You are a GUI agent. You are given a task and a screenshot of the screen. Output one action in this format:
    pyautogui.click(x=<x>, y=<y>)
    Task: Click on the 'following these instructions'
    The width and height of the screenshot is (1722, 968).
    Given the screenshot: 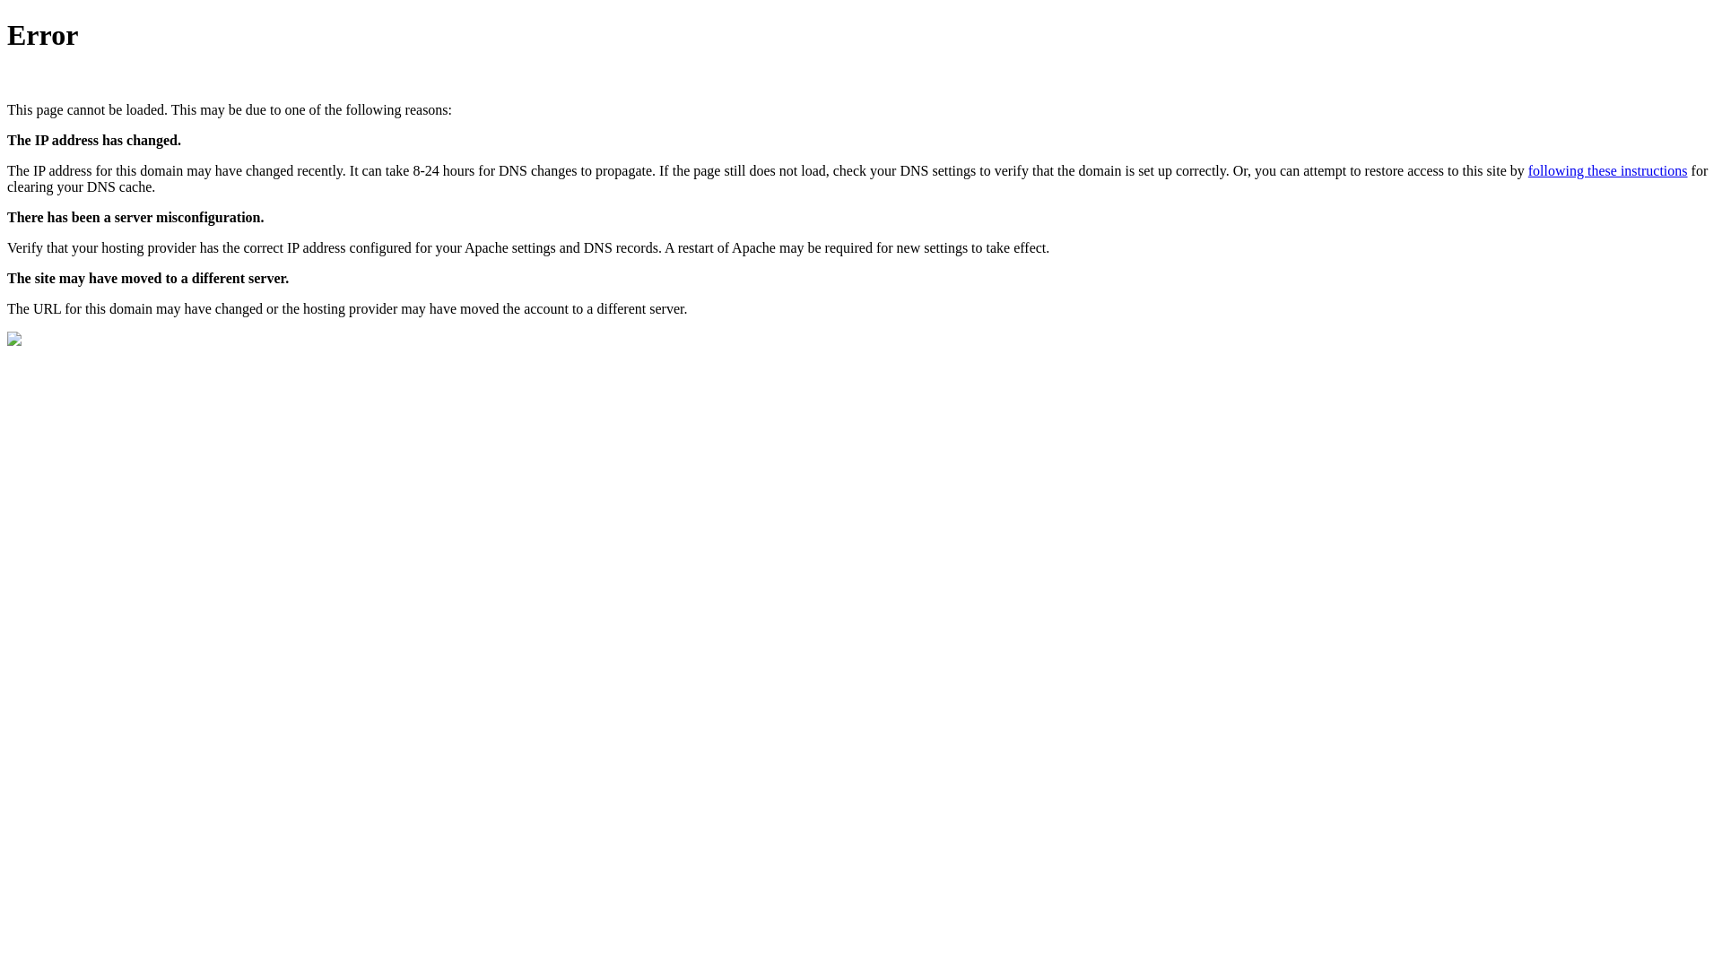 What is the action you would take?
    pyautogui.click(x=1608, y=170)
    